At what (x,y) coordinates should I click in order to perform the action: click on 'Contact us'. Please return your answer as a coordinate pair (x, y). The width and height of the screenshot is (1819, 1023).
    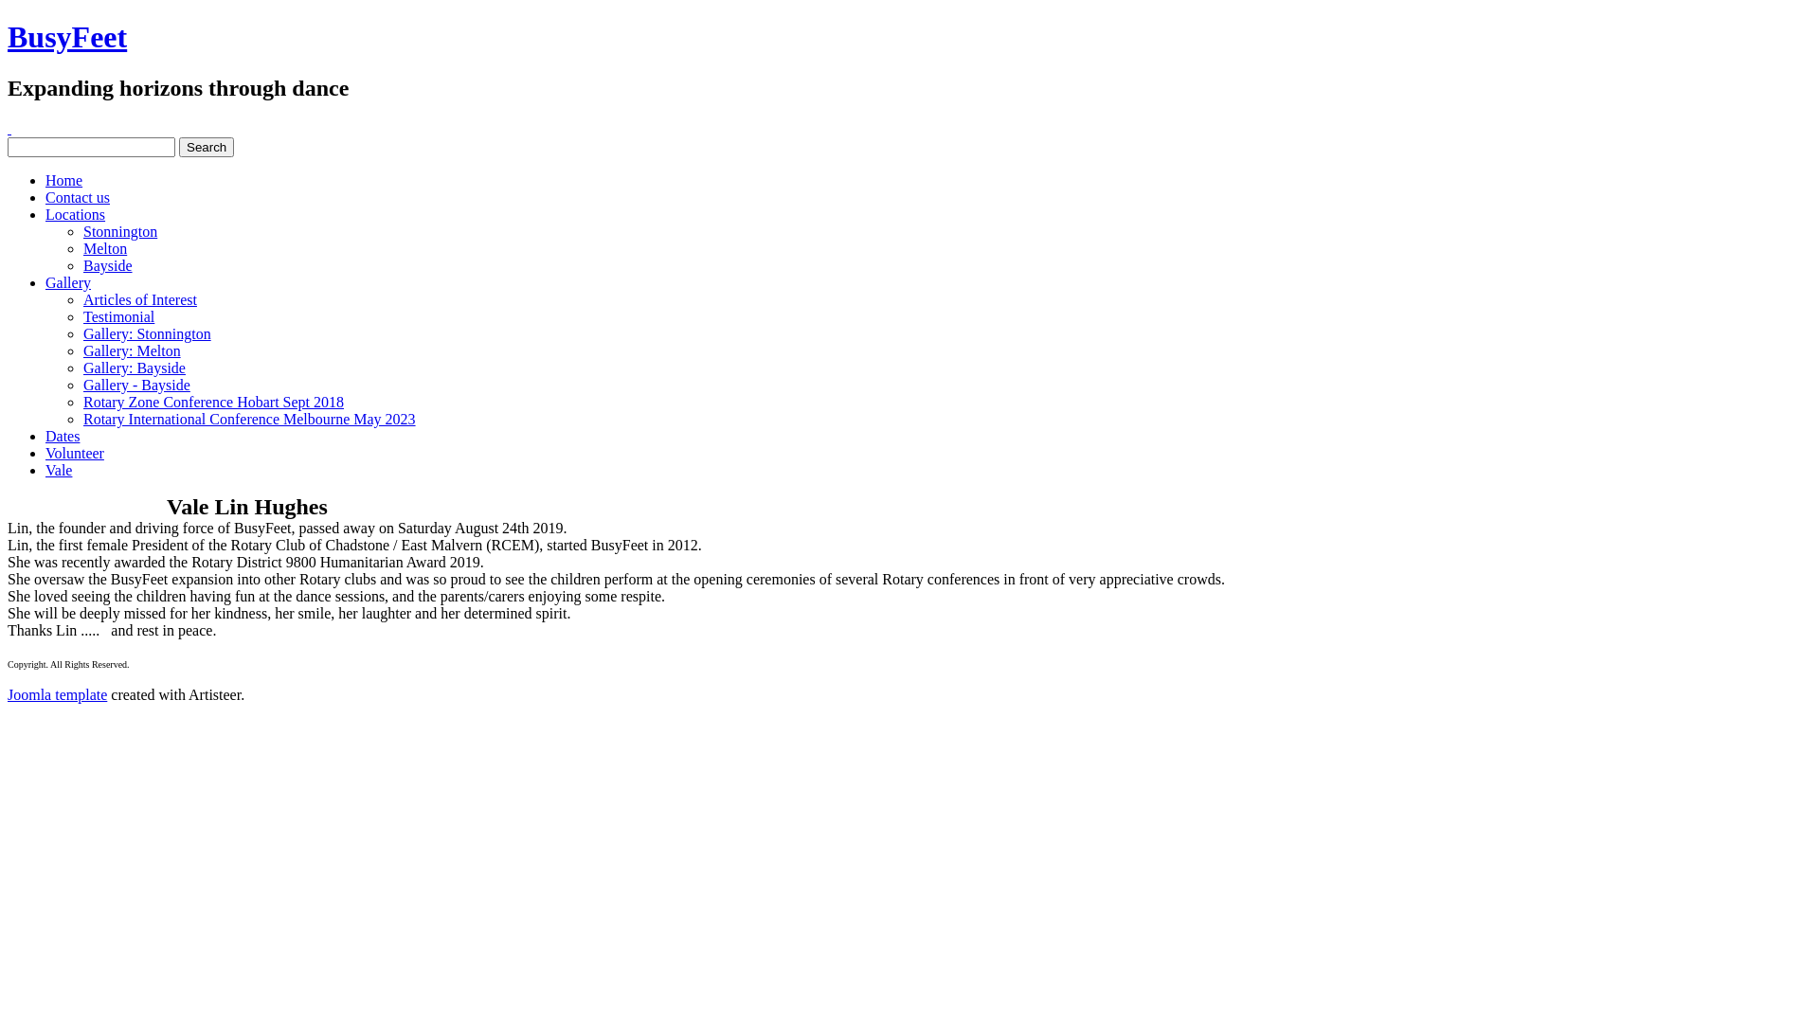
    Looking at the image, I should click on (45, 197).